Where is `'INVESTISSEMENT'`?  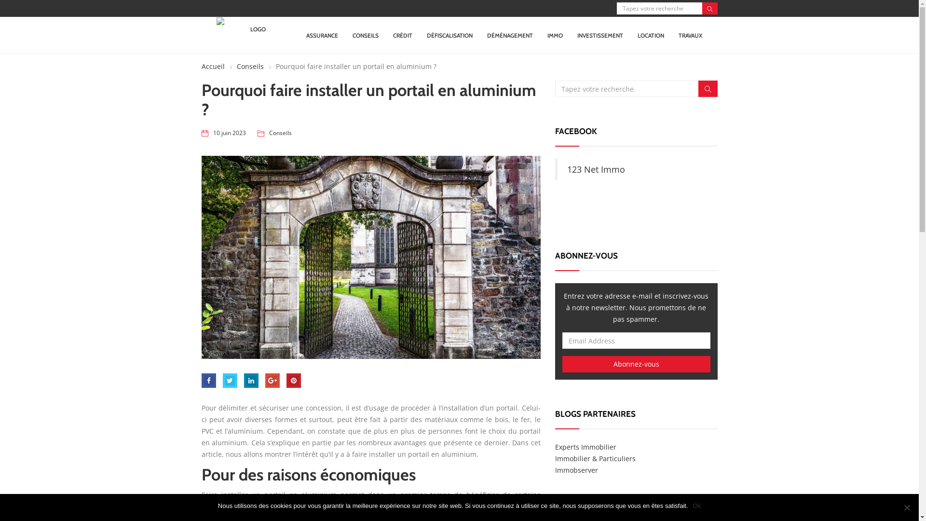
'INVESTISSEMENT' is located at coordinates (599, 35).